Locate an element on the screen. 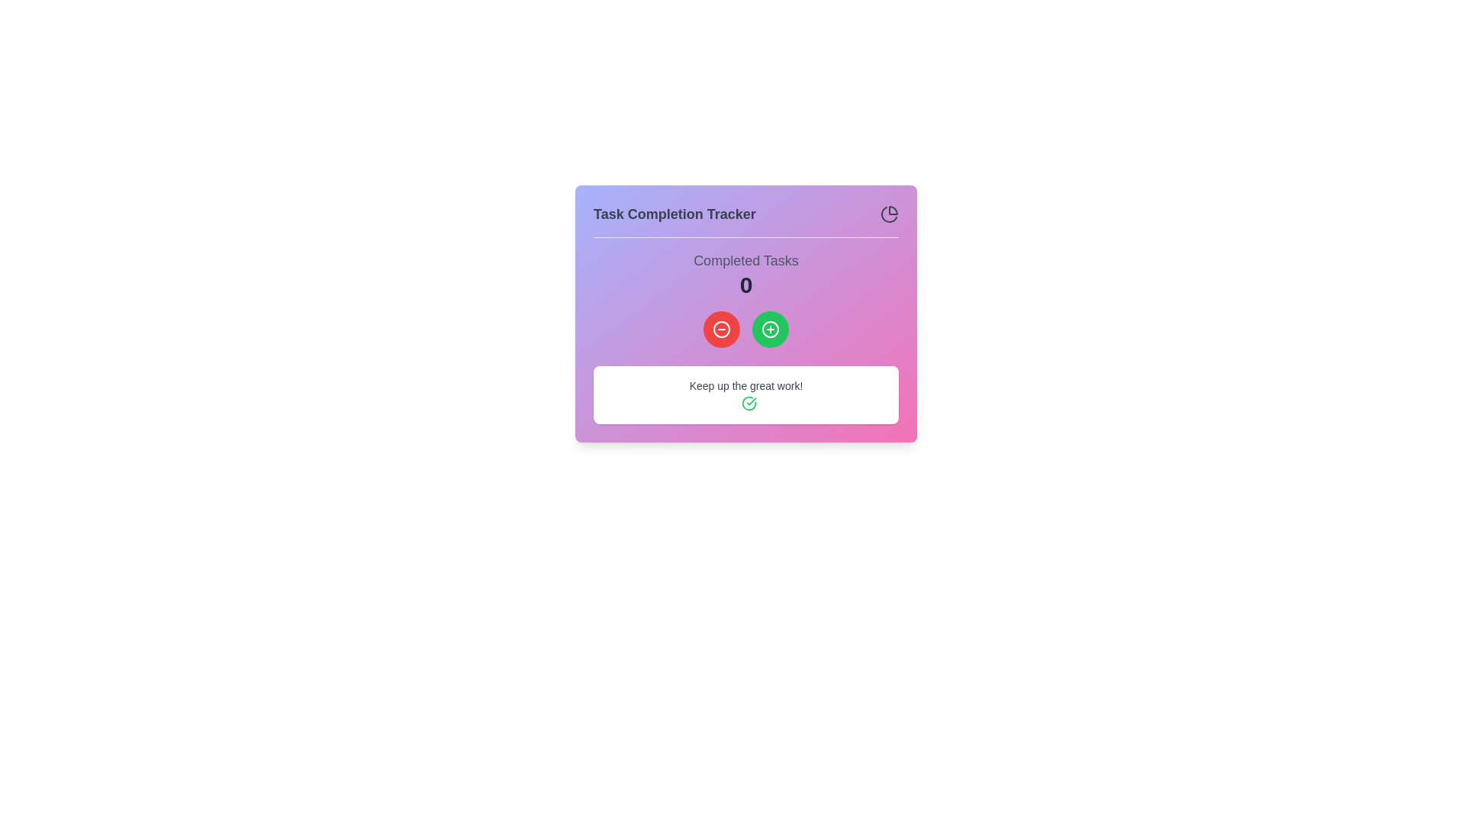  the presence of the congratulatory message text block with icon located at the bottom of the 'Task Completion Tracker' is located at coordinates (746, 394).